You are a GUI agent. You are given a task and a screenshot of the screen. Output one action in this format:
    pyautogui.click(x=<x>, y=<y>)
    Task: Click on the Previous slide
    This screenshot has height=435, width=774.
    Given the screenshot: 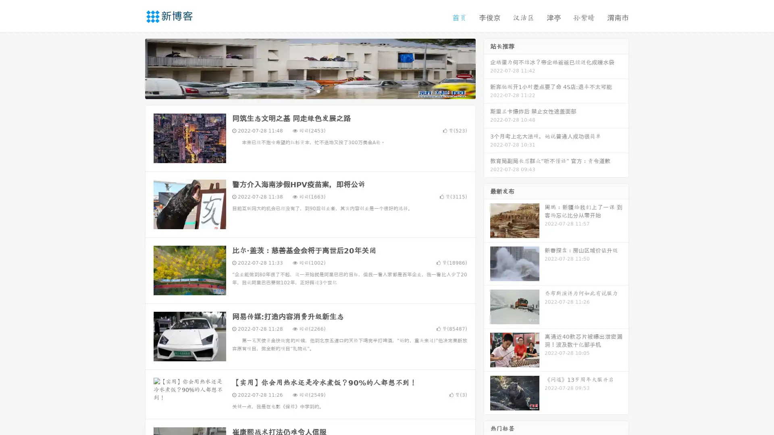 What is the action you would take?
    pyautogui.click(x=133, y=68)
    